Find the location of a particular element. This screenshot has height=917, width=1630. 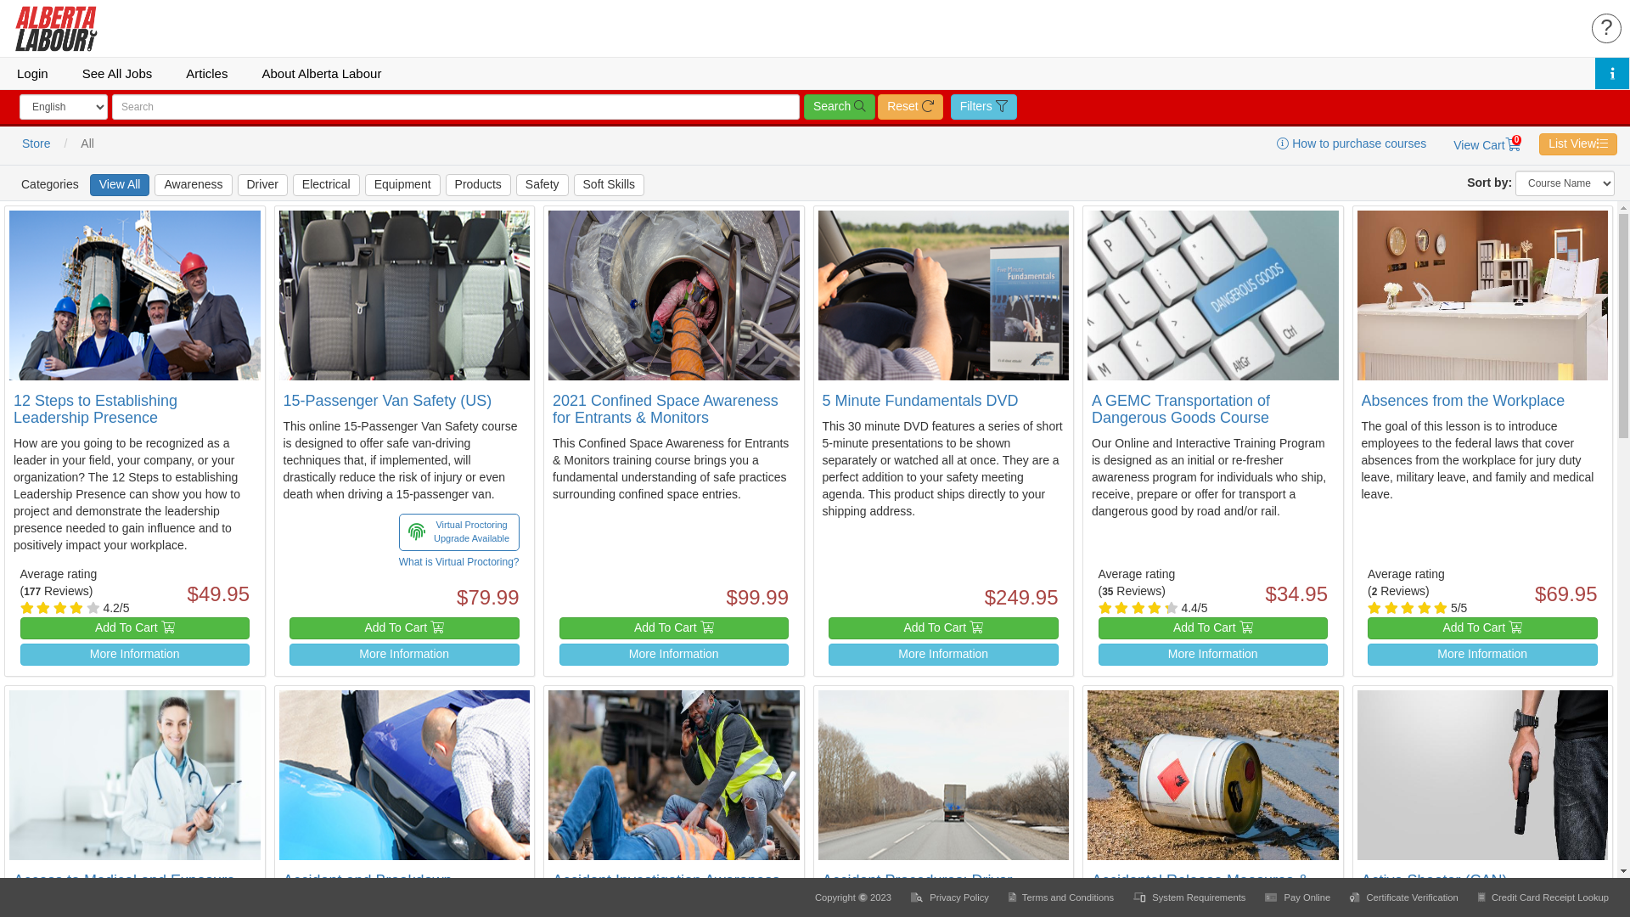

'Access to Medical and Exposure Records for Managers (US)' is located at coordinates (123, 887).